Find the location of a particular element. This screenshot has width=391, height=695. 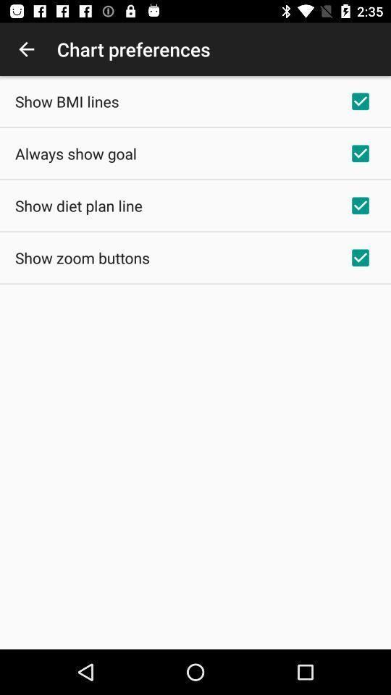

icon below show diet plan is located at coordinates (82, 258).